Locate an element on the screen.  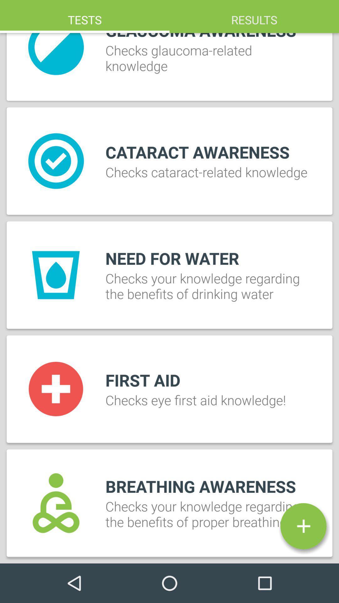
tests item is located at coordinates (85, 16).